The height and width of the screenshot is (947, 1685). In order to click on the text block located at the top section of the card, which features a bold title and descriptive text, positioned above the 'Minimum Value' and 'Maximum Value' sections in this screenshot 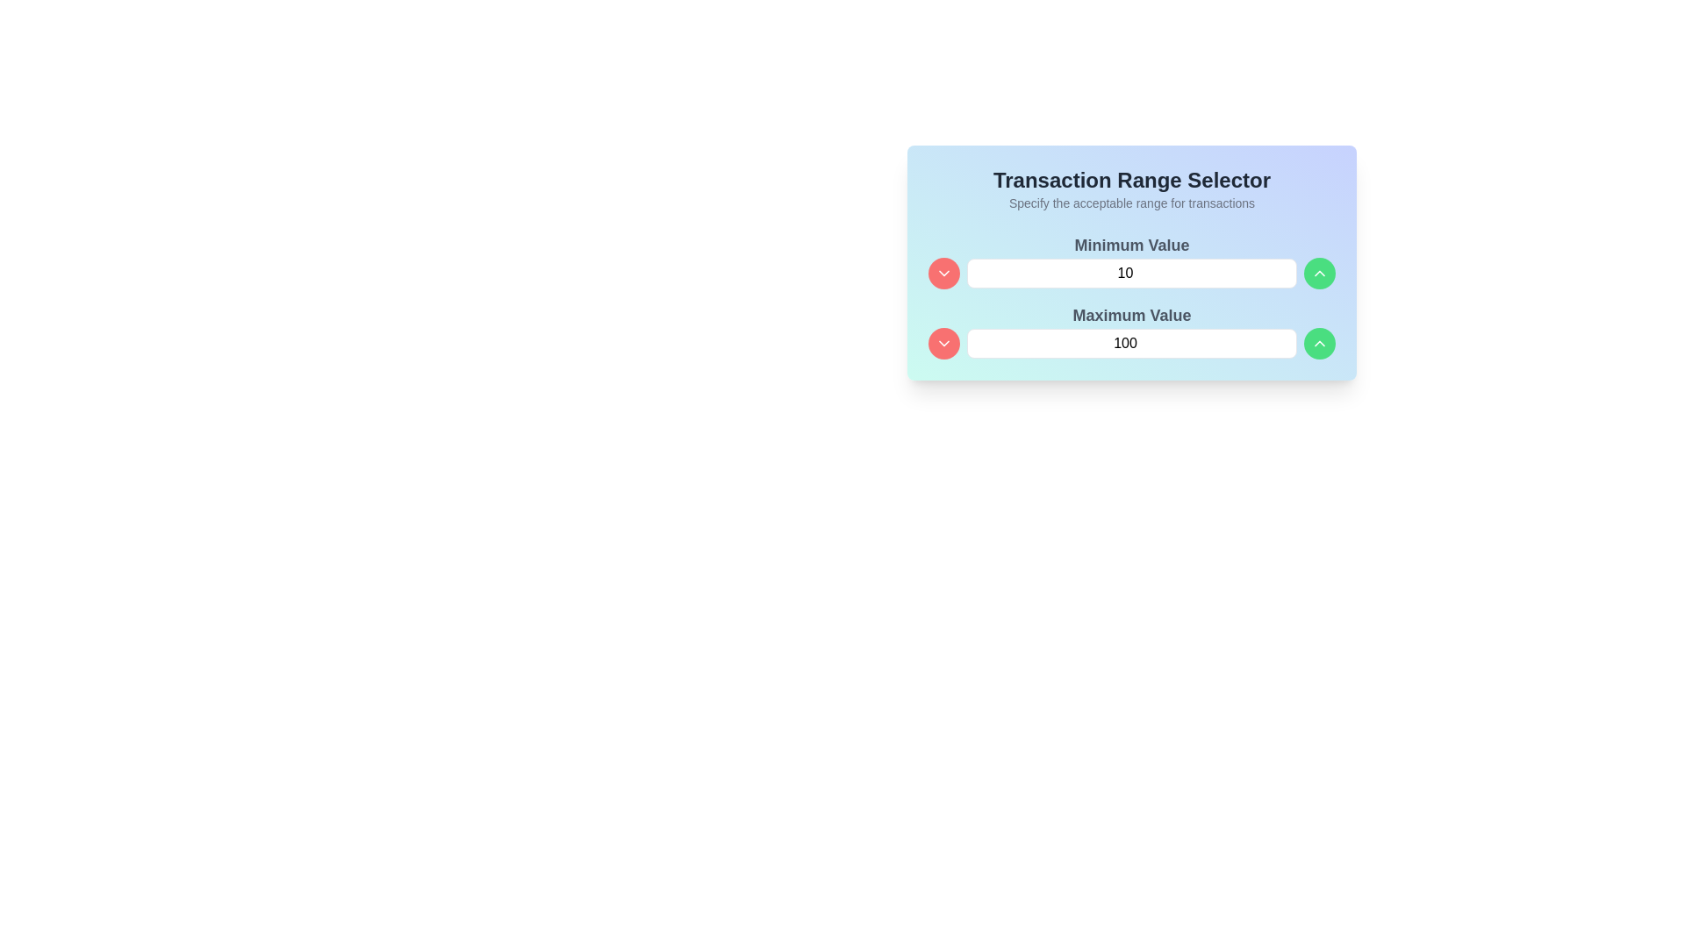, I will do `click(1132, 189)`.